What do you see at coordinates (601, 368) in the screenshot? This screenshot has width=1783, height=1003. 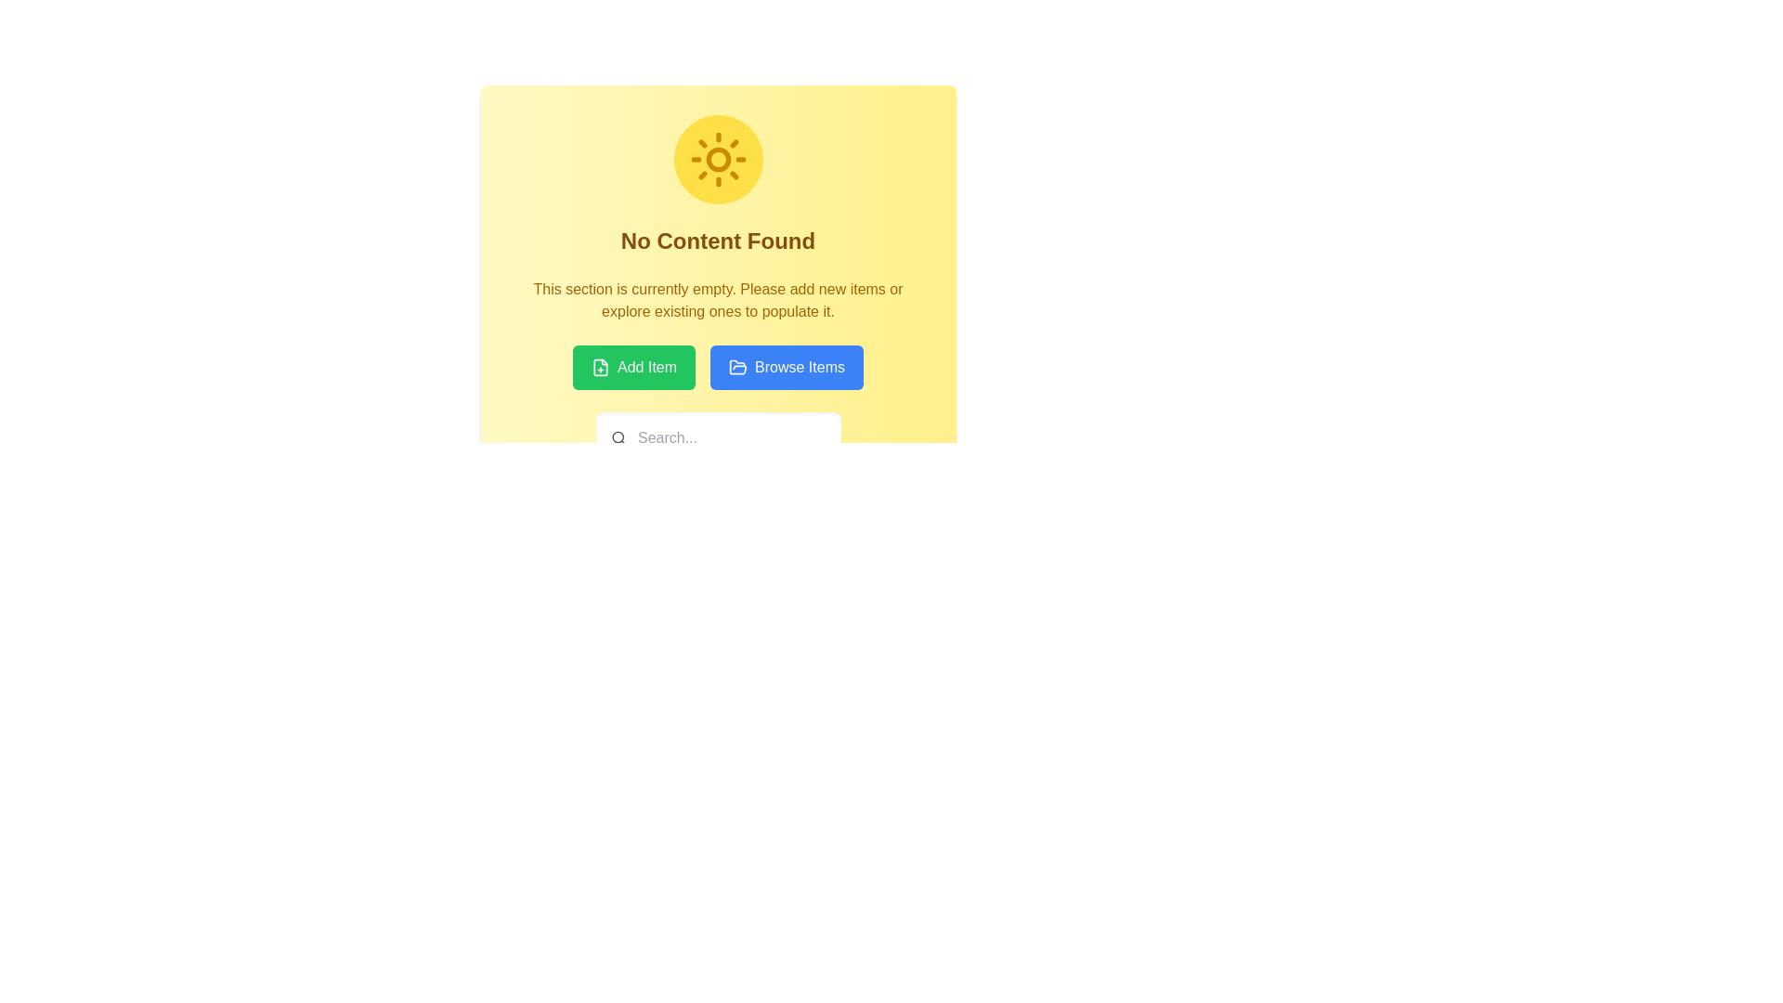 I see `the 'Add Item' button` at bounding box center [601, 368].